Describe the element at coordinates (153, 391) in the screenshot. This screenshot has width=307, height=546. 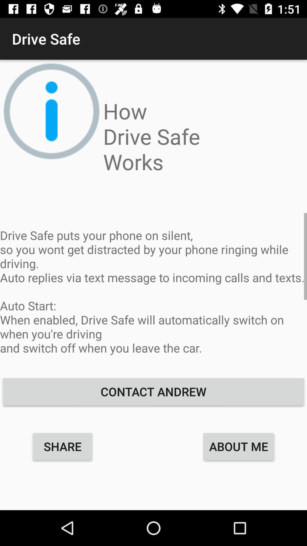
I see `contact andrew` at that location.